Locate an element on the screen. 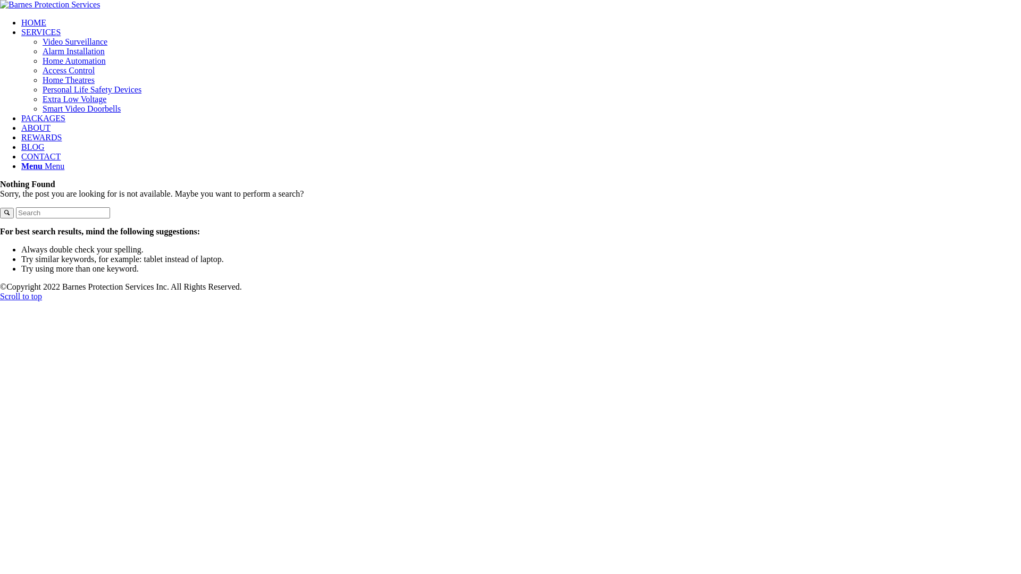 The image size is (1021, 574). 'Access Control' is located at coordinates (68, 70).